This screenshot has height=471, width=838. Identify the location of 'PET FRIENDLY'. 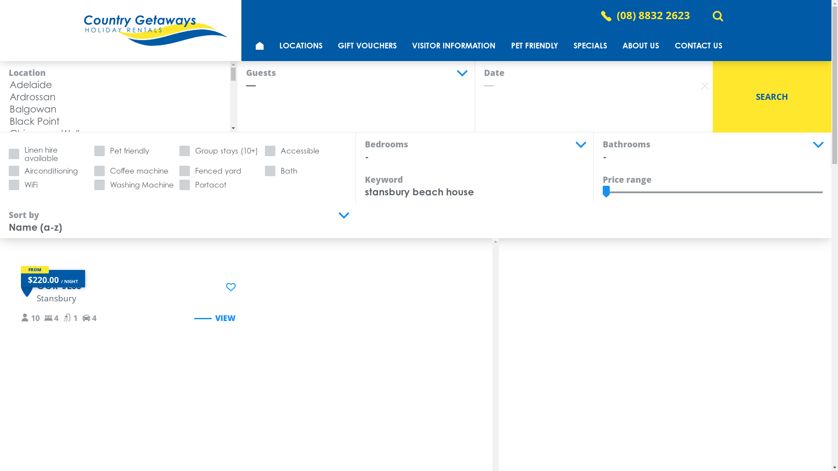
(534, 45).